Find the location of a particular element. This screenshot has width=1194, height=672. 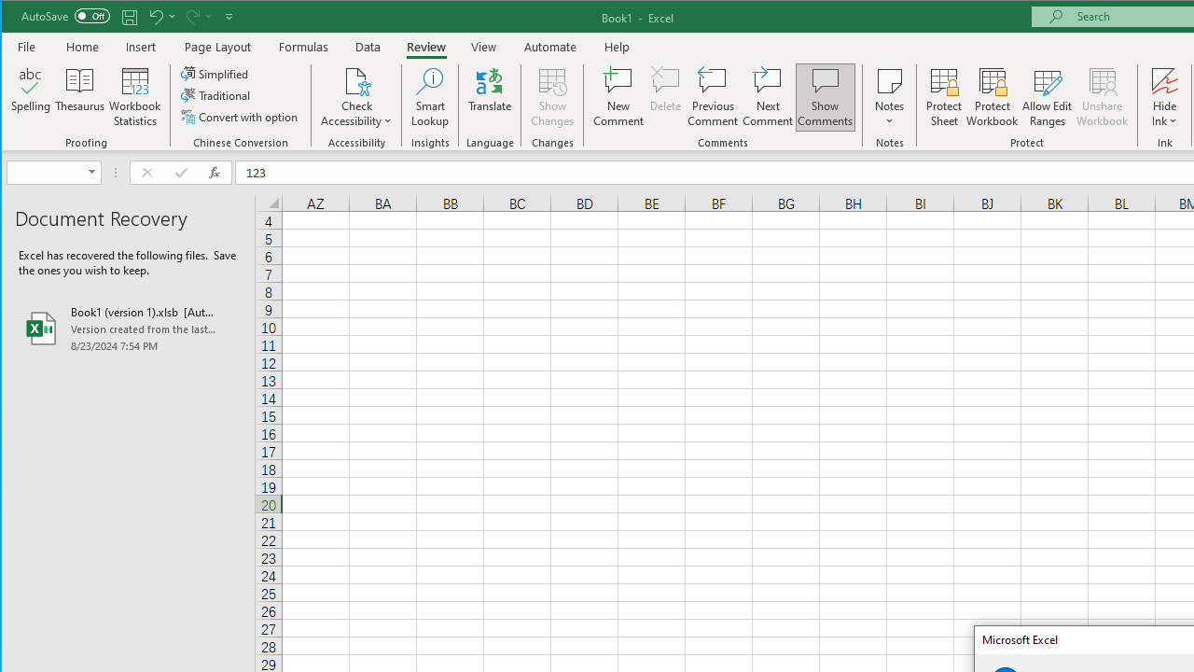

'Customize Quick Access Toolbar' is located at coordinates (228, 16).